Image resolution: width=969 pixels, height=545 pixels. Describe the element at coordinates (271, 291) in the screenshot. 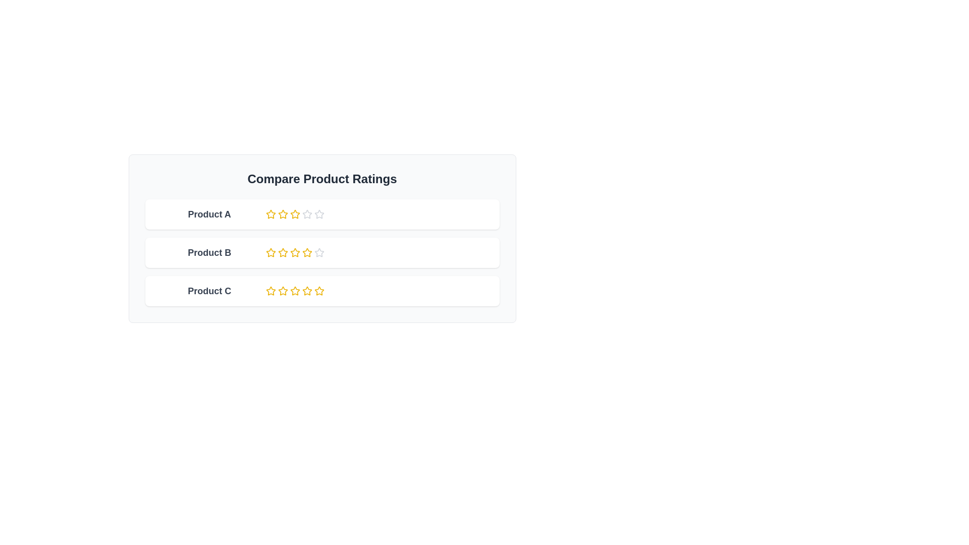

I see `the fifth star in the rating row` at that location.